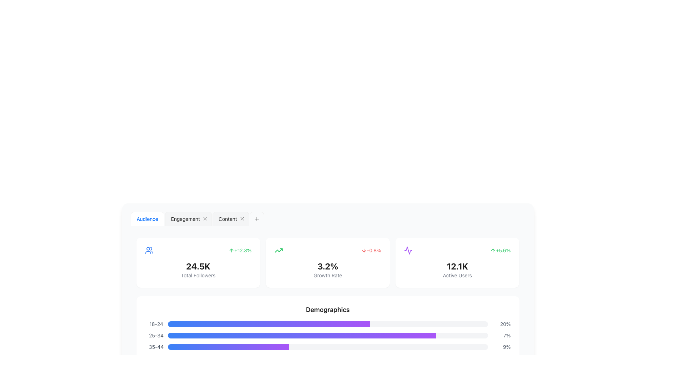 The width and height of the screenshot is (686, 386). I want to click on the first Information display card, which features a blue user icon on the left, a bold '24.5K' text in the center, and a green upward arrow with percentage on the right, so click(198, 263).